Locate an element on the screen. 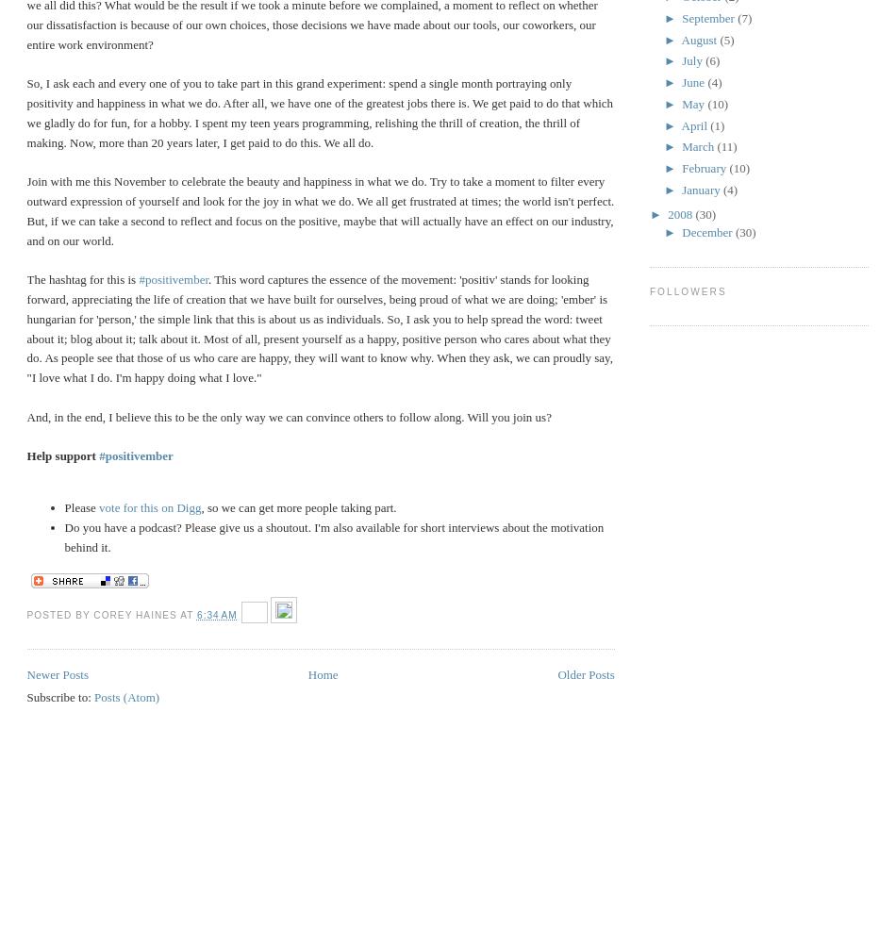 Image resolution: width=896 pixels, height=943 pixels. 'Posted by' is located at coordinates (26, 614).